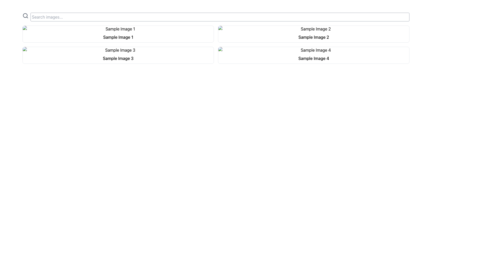 Image resolution: width=496 pixels, height=279 pixels. What do you see at coordinates (313, 34) in the screenshot?
I see `the second card in the grid layout, which has a lightly gray border and displays the title 'Sample Image 2'` at bounding box center [313, 34].